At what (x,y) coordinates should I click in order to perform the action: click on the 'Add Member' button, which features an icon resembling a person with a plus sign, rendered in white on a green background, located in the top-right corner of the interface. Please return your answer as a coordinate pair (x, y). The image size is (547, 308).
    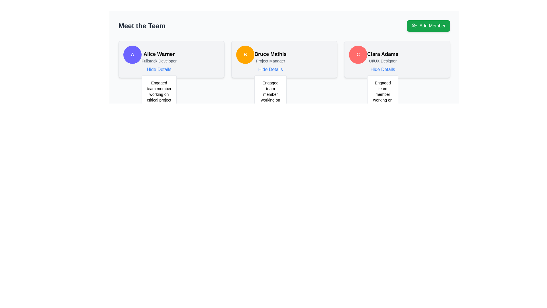
    Looking at the image, I should click on (414, 26).